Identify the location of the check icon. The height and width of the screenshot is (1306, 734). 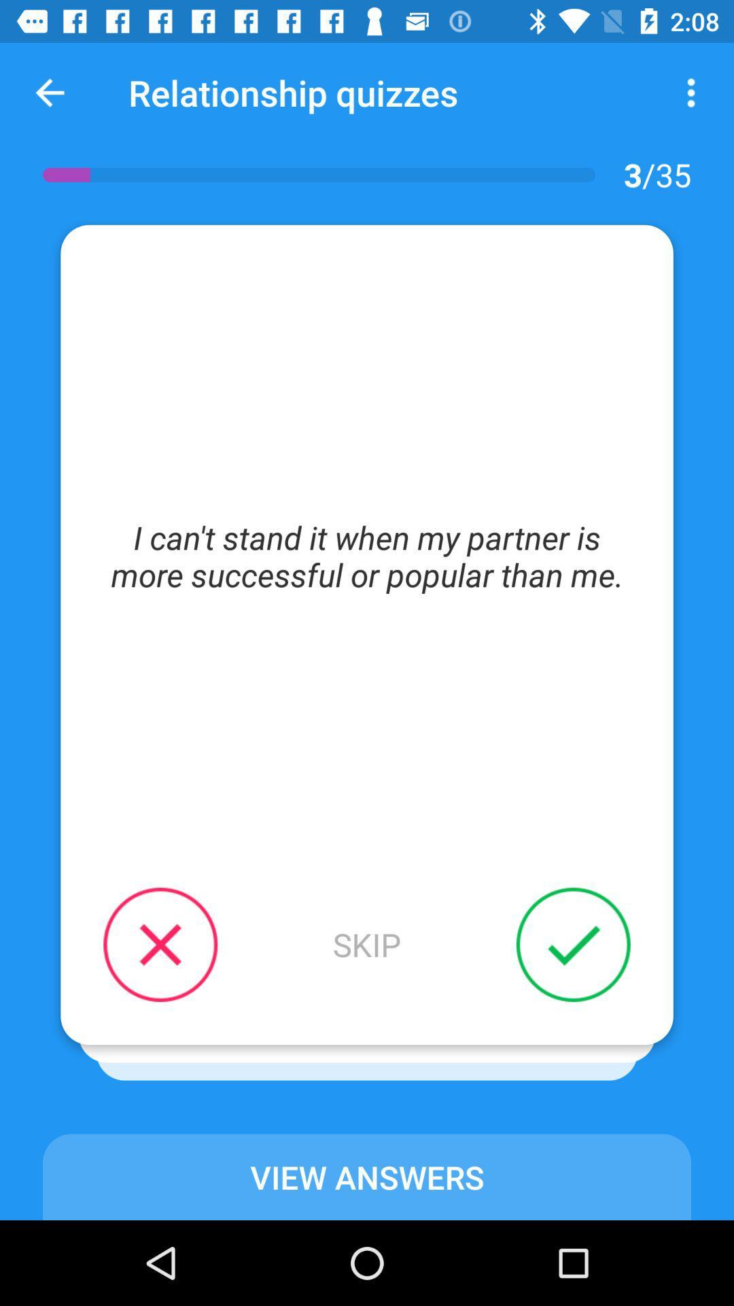
(573, 943).